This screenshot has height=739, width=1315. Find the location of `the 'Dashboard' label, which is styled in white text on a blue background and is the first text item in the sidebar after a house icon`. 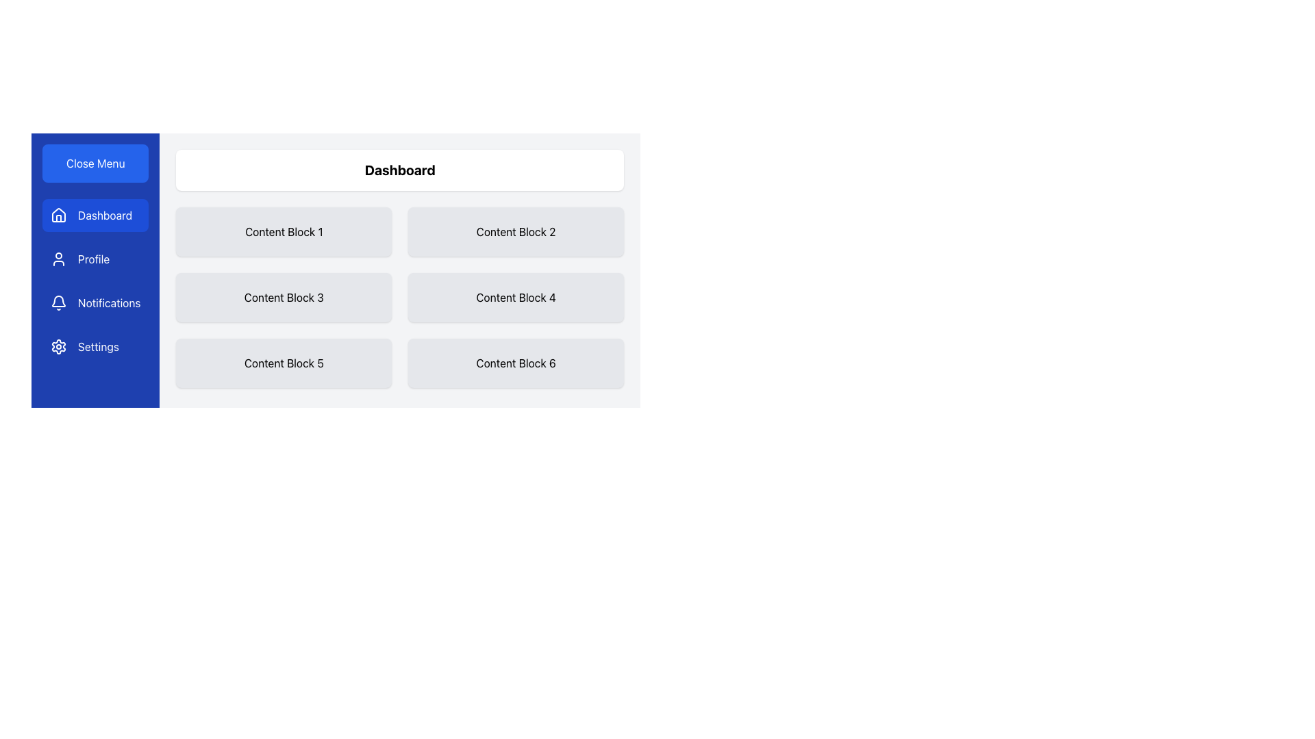

the 'Dashboard' label, which is styled in white text on a blue background and is the first text item in the sidebar after a house icon is located at coordinates (104, 216).